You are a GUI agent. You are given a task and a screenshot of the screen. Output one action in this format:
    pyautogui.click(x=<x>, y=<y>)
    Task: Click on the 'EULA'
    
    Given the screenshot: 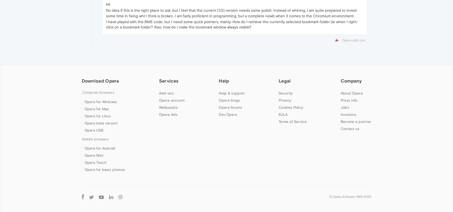 What is the action you would take?
    pyautogui.click(x=283, y=114)
    